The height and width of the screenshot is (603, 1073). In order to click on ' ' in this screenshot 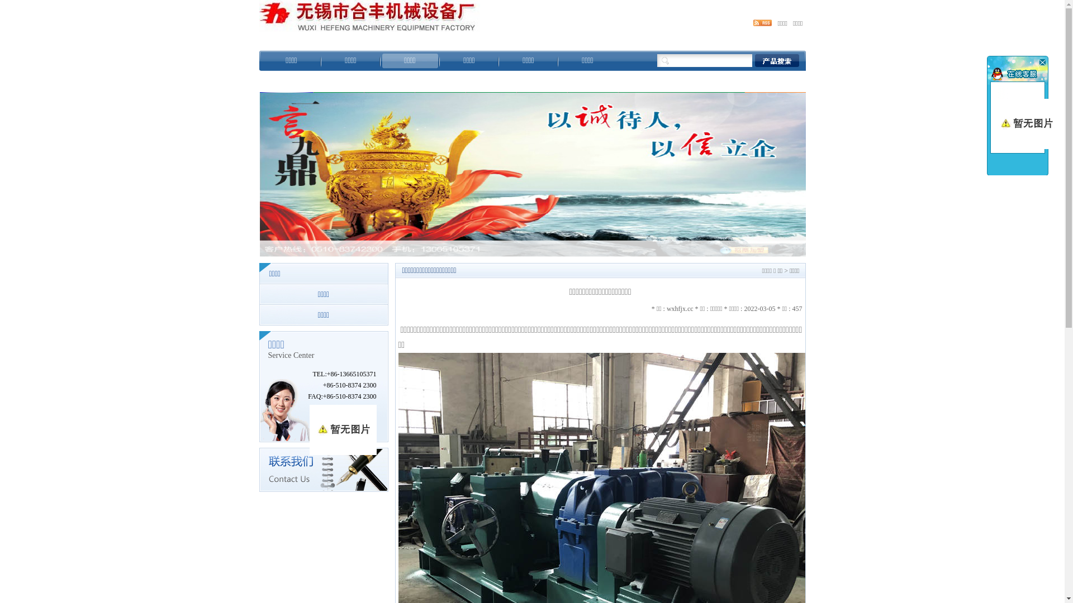, I will do `click(1035, 62)`.